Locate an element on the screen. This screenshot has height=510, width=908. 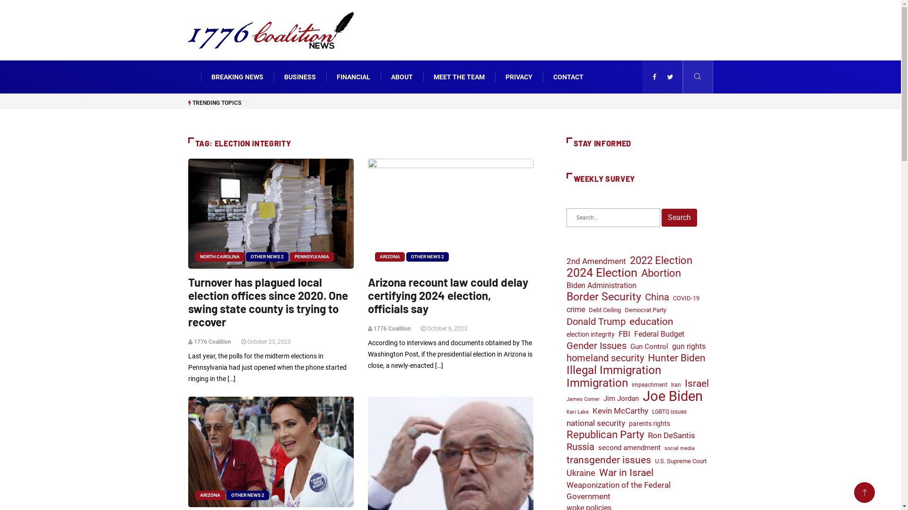
'COVID-19' is located at coordinates (685, 298).